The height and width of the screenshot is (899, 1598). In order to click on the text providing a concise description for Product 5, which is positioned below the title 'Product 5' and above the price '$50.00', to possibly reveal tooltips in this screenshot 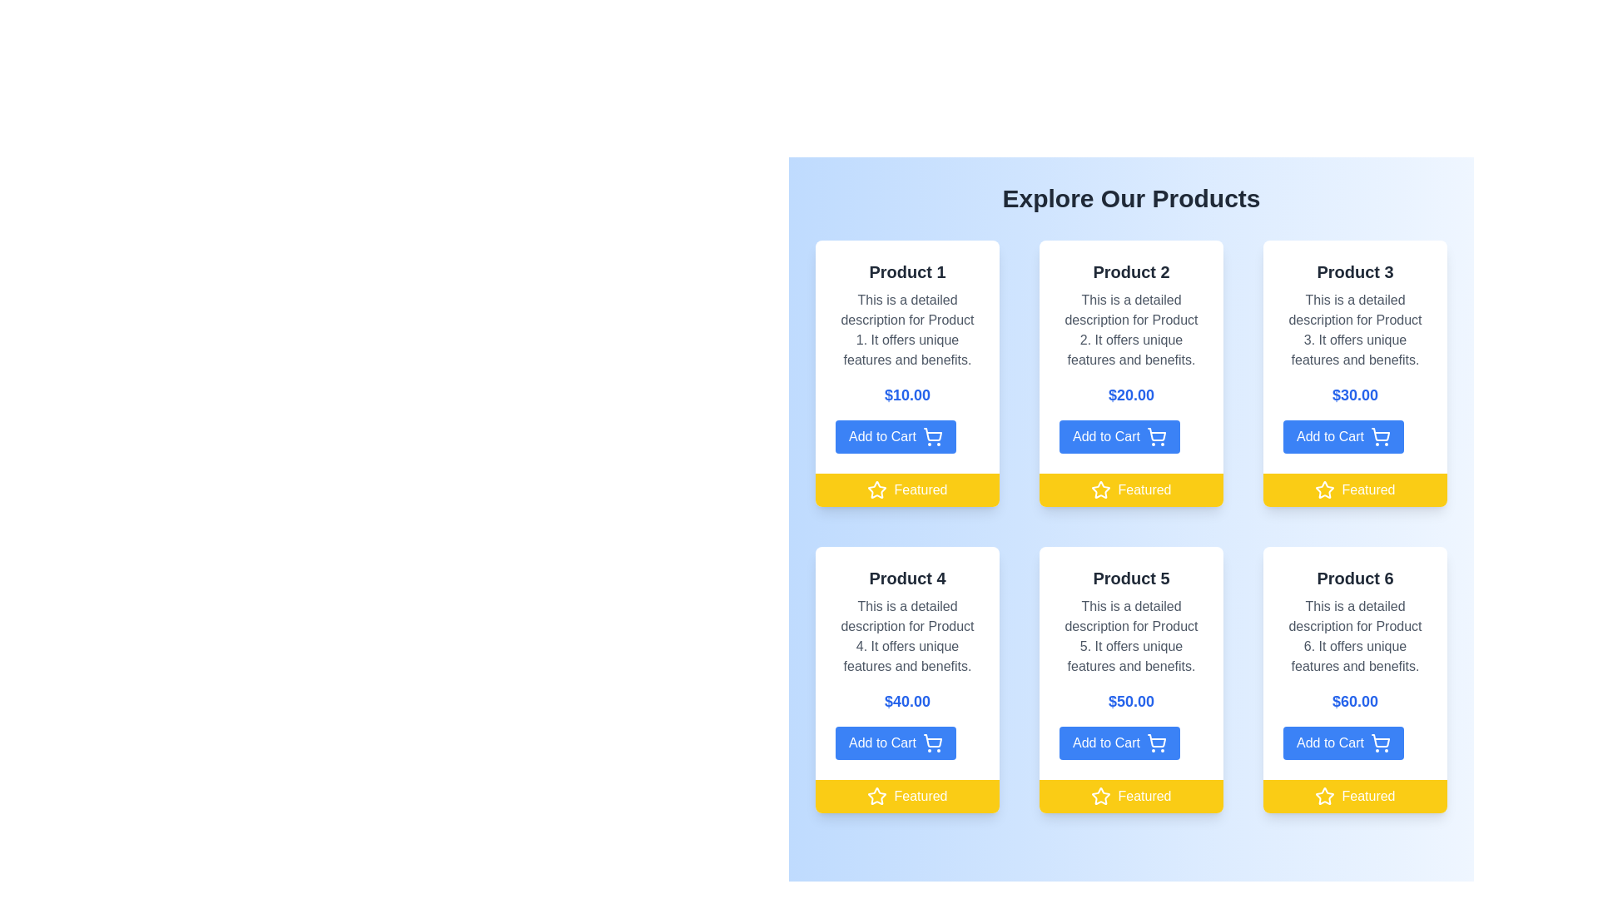, I will do `click(1131, 636)`.